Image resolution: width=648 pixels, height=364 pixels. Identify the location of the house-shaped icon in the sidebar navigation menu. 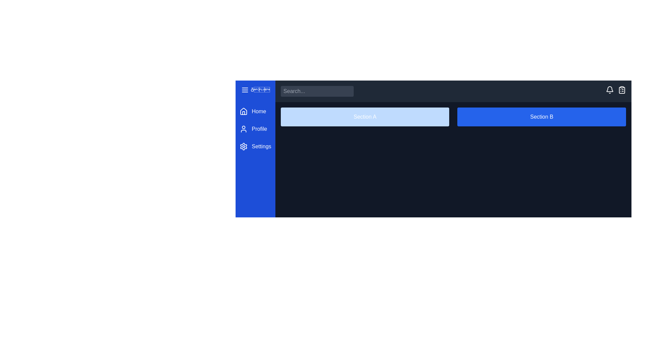
(243, 111).